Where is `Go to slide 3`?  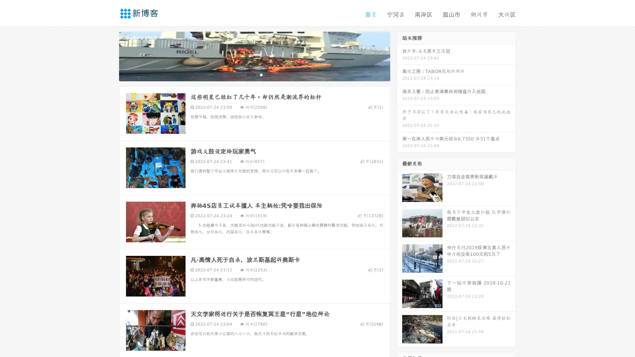 Go to slide 3 is located at coordinates (261, 74).